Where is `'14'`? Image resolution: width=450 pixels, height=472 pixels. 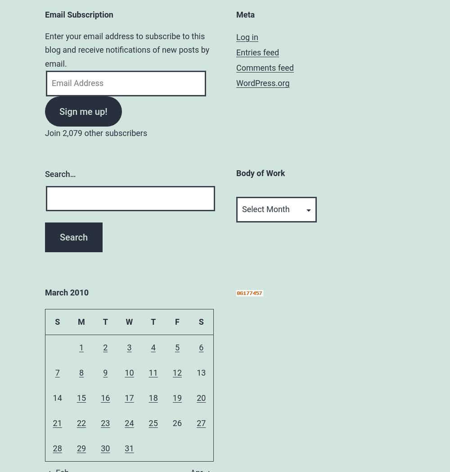
'14' is located at coordinates (57, 397).